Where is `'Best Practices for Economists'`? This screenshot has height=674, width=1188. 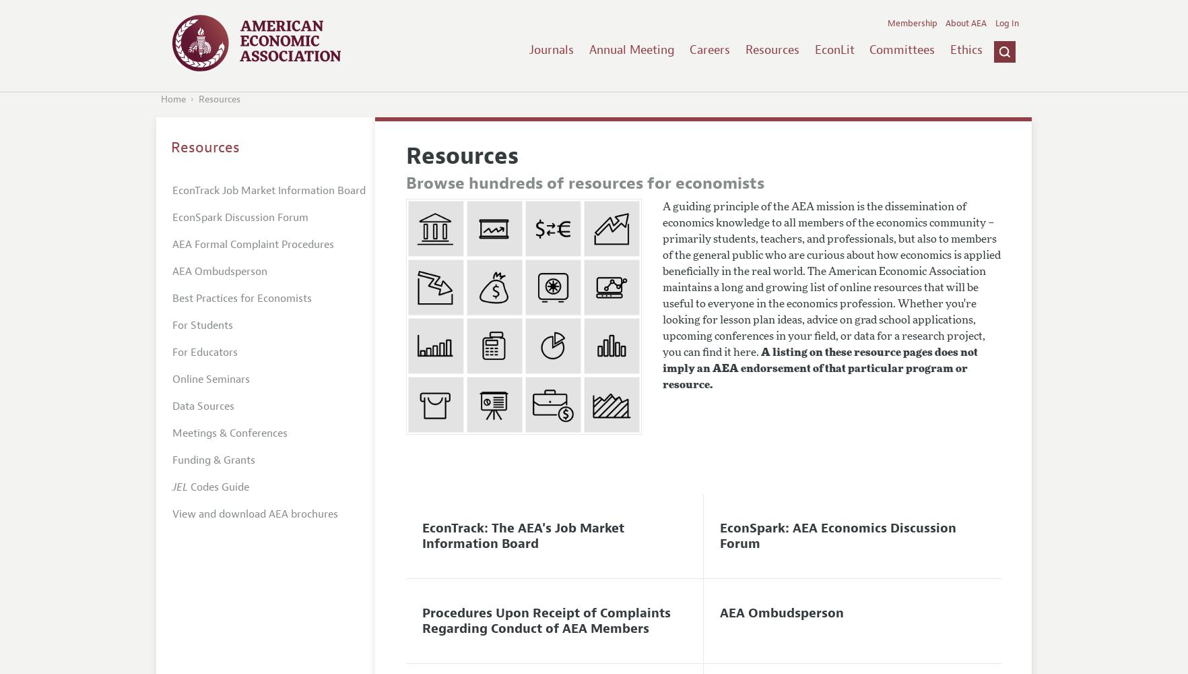 'Best Practices for Economists' is located at coordinates (172, 297).